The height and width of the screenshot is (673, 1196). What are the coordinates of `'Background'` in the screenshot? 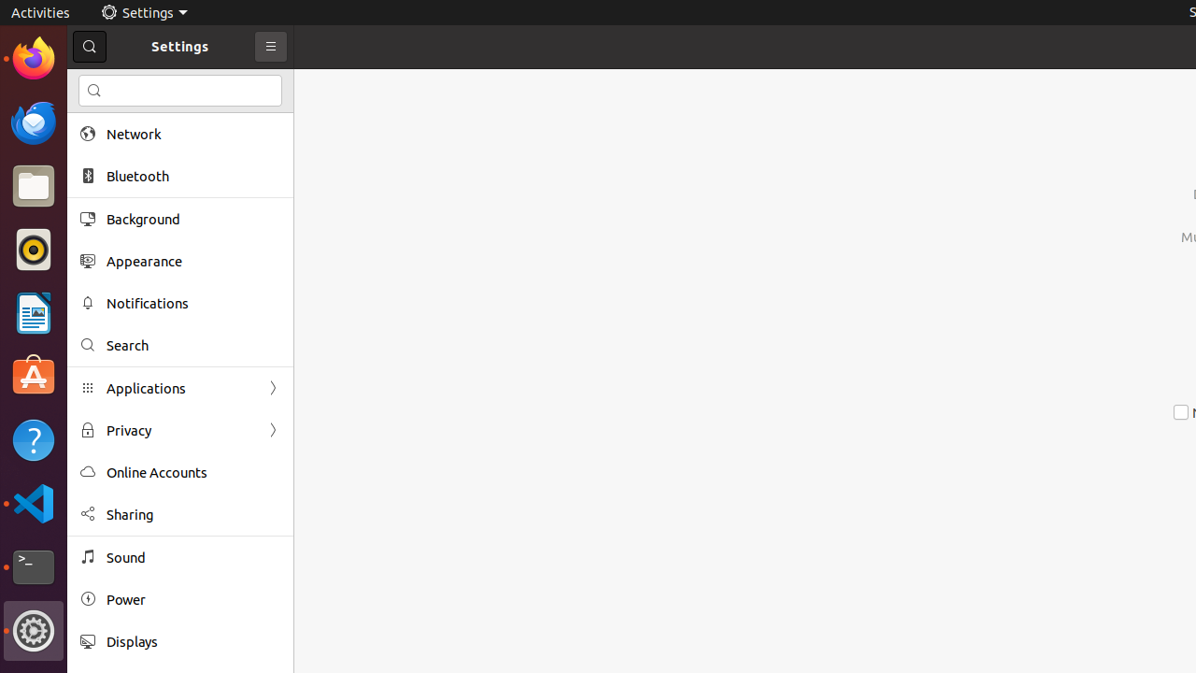 It's located at (192, 218).